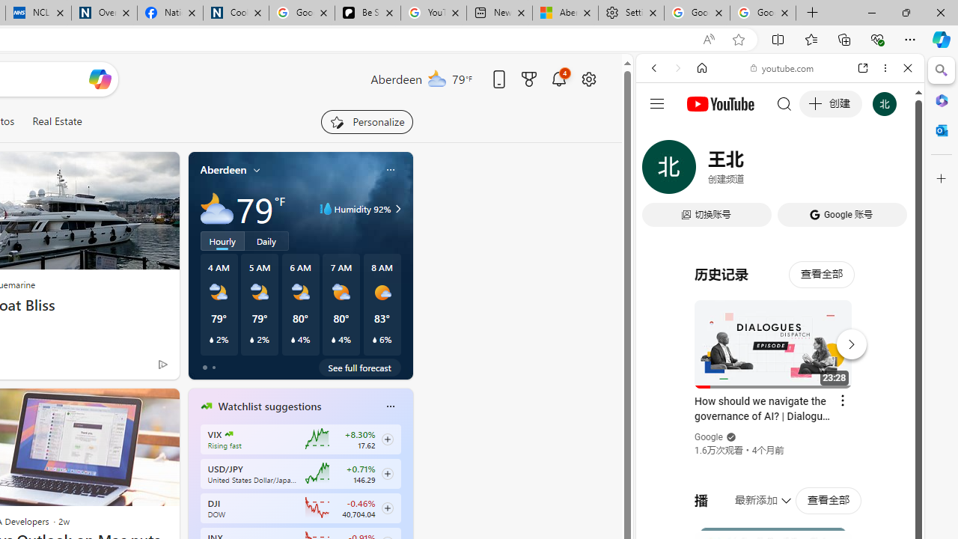 The image size is (958, 539). What do you see at coordinates (701, 68) in the screenshot?
I see `'Home'` at bounding box center [701, 68].